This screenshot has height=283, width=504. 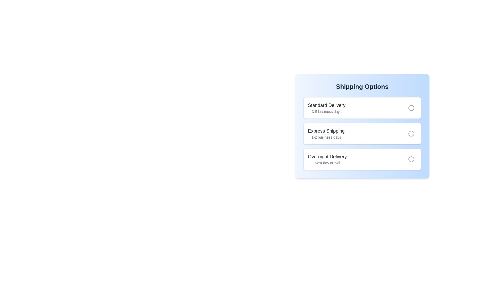 What do you see at coordinates (411, 159) in the screenshot?
I see `the interactive radio button for 'Overnight Delivery' located at the far right of the option, next to 'Next day arrival'` at bounding box center [411, 159].